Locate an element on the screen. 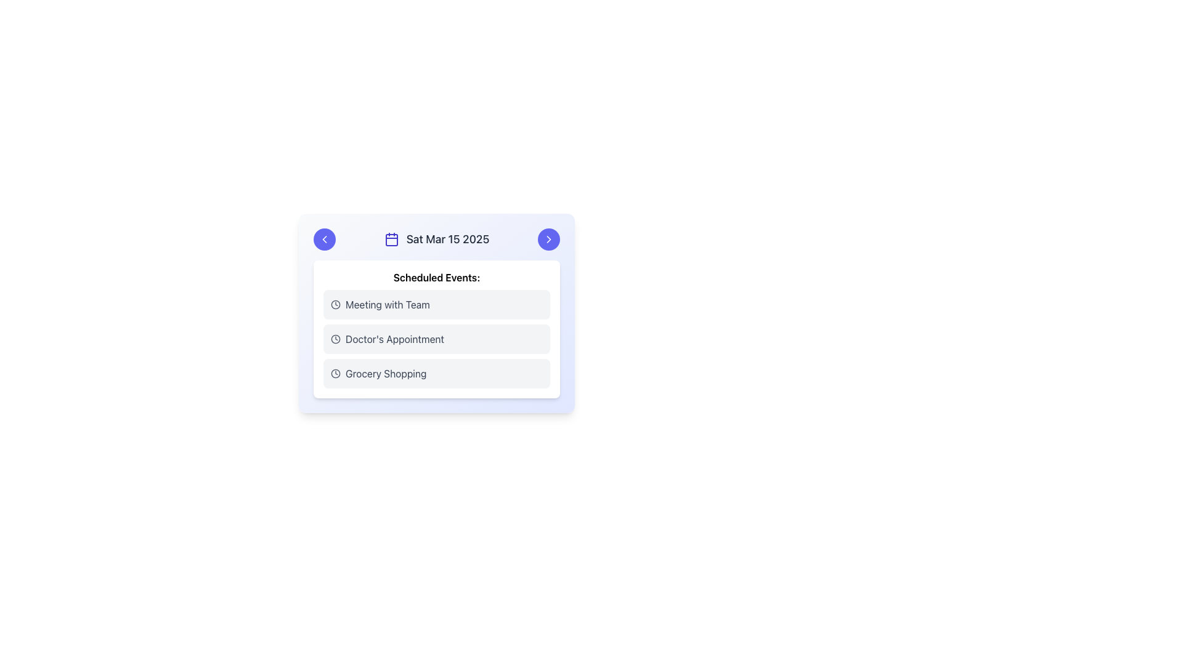  the navigation icon located at the top-left corner of the calendar card is located at coordinates (325, 240).